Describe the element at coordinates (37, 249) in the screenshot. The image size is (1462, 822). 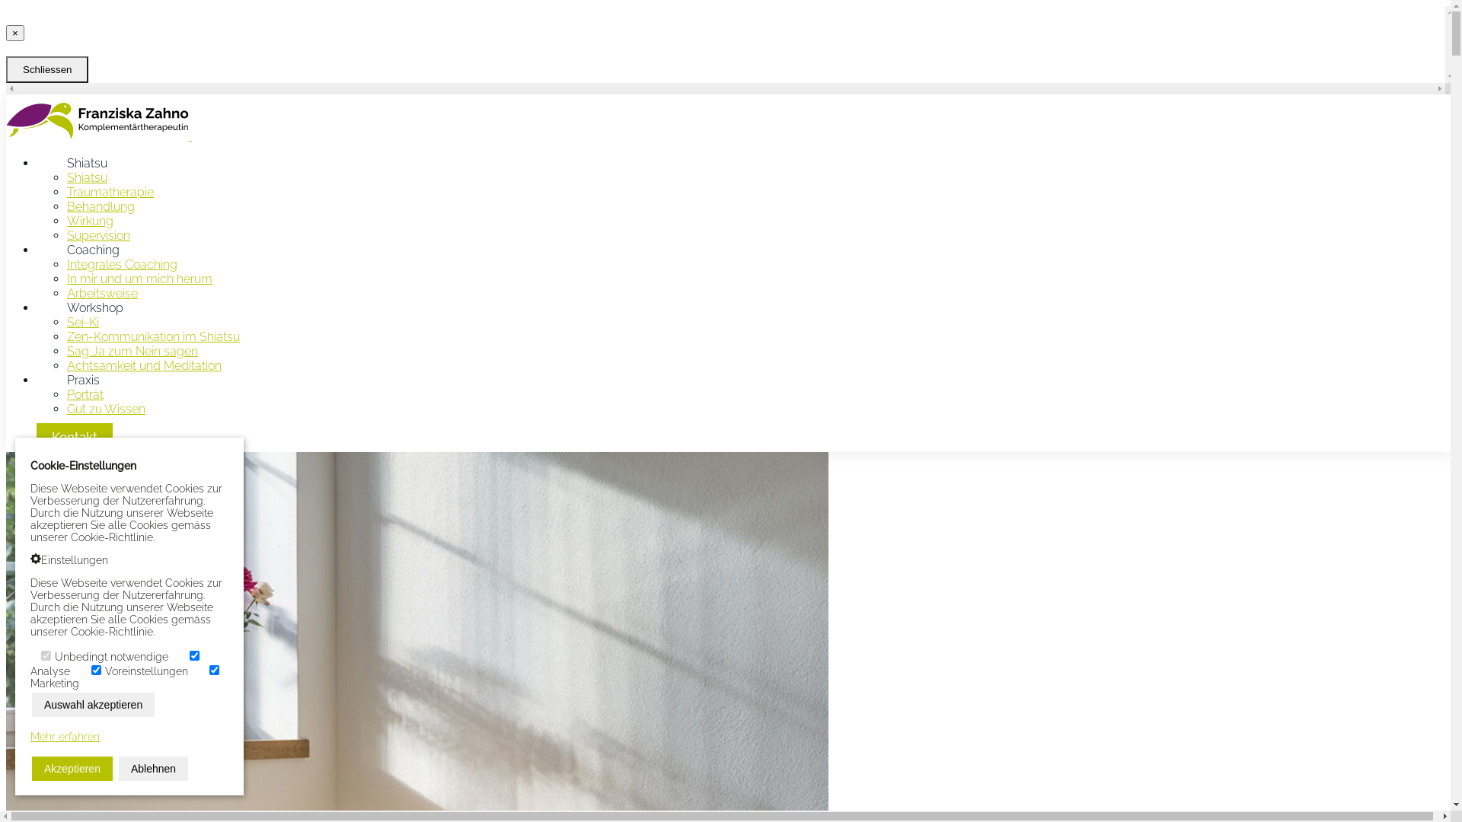
I see `'Coaching'` at that location.